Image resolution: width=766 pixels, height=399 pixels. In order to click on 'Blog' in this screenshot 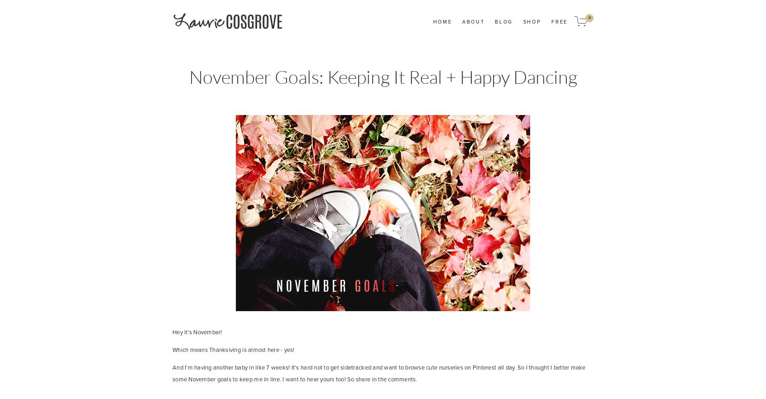, I will do `click(503, 21)`.